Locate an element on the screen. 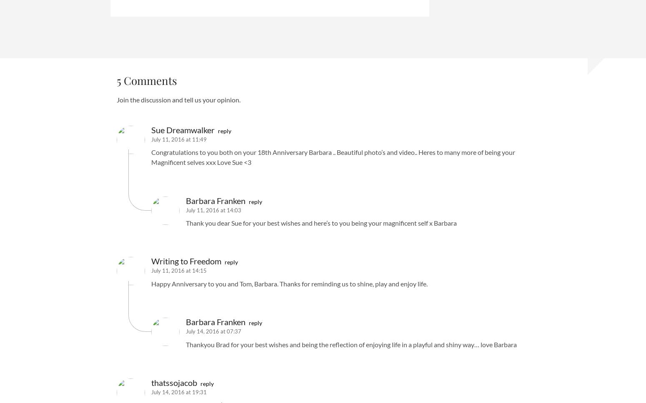  'July 14, 2016 at 19:31' is located at coordinates (179, 391).